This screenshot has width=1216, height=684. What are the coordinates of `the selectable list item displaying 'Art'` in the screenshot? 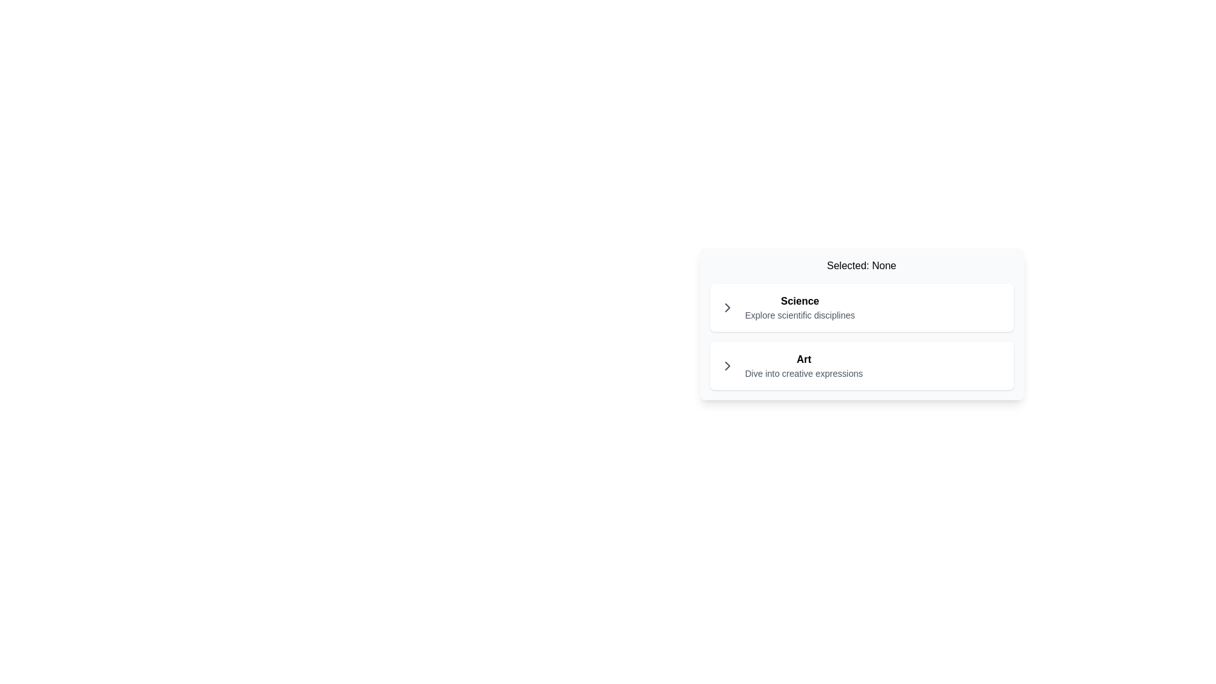 It's located at (803, 366).